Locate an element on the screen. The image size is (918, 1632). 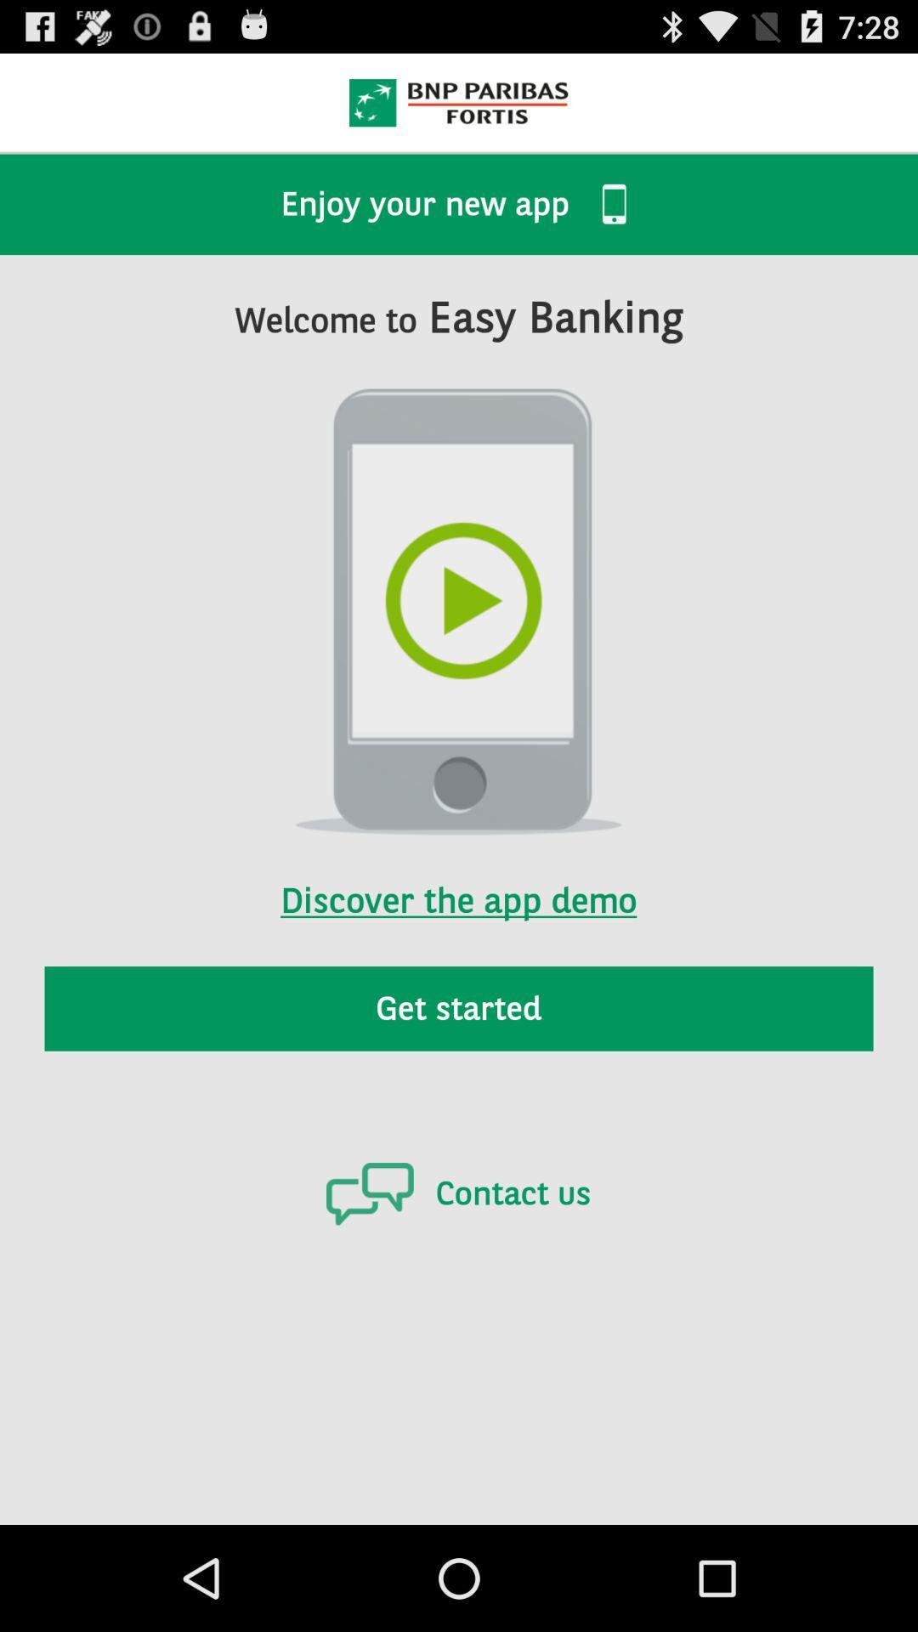
the get started is located at coordinates (459, 1008).